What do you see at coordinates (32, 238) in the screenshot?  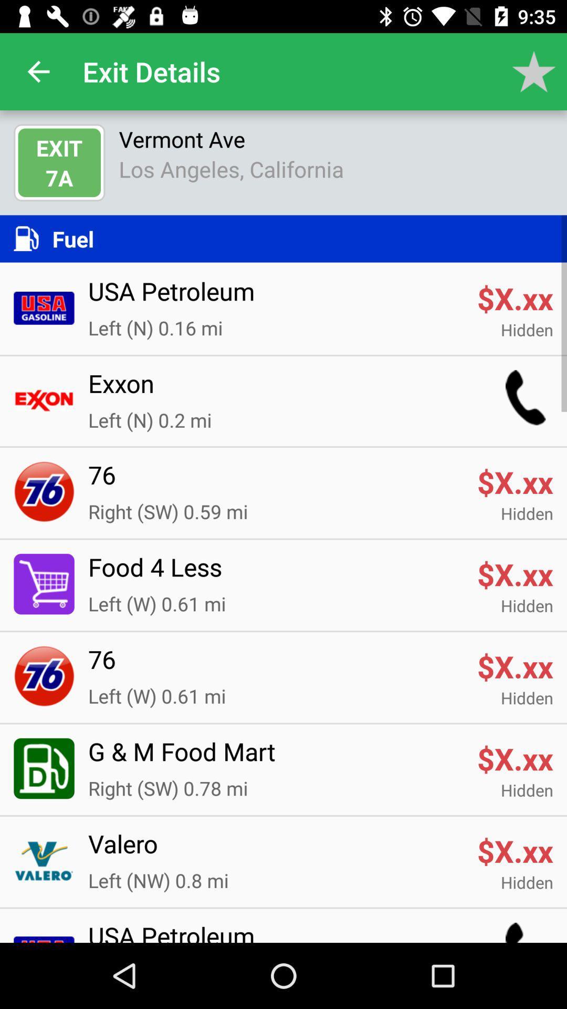 I see `the icon to the left of fuel` at bounding box center [32, 238].